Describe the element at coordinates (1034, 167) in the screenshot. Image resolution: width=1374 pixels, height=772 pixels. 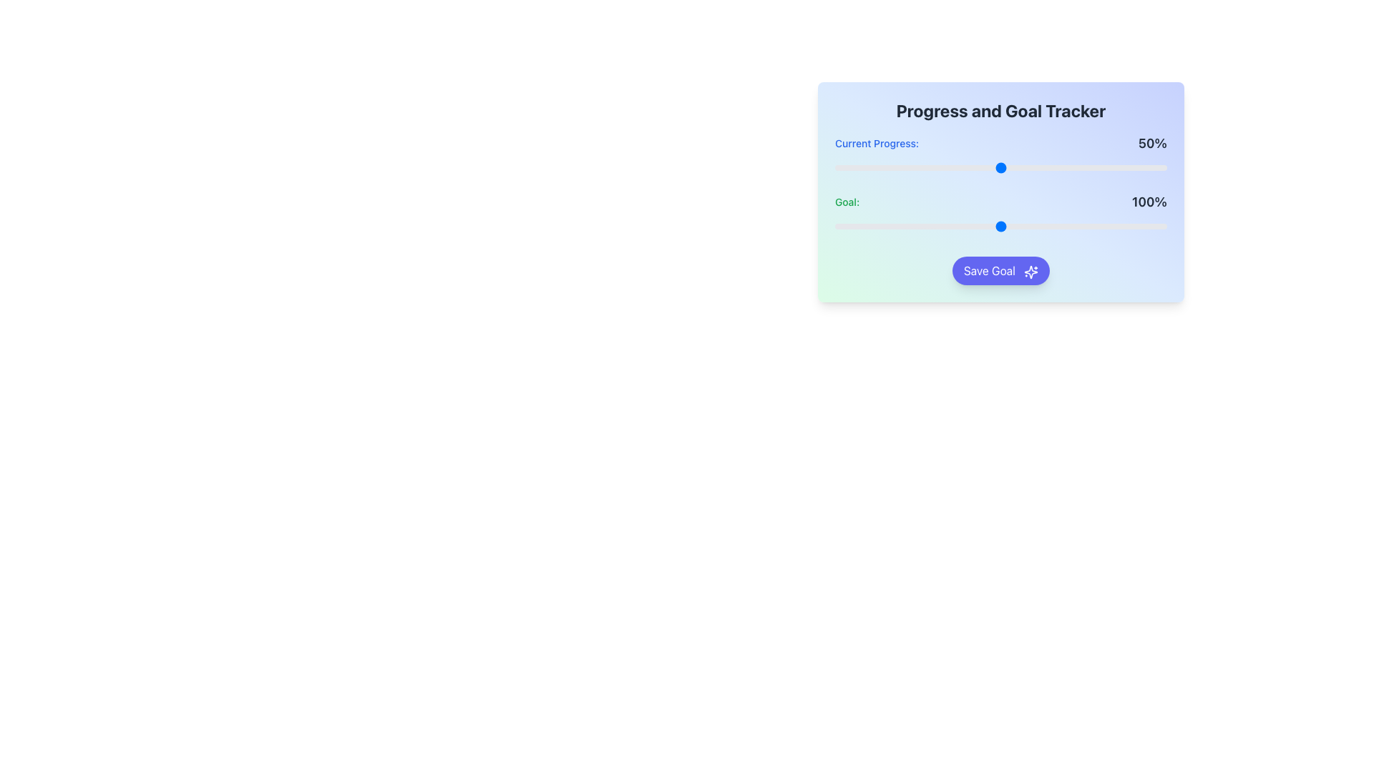
I see `the slider` at that location.